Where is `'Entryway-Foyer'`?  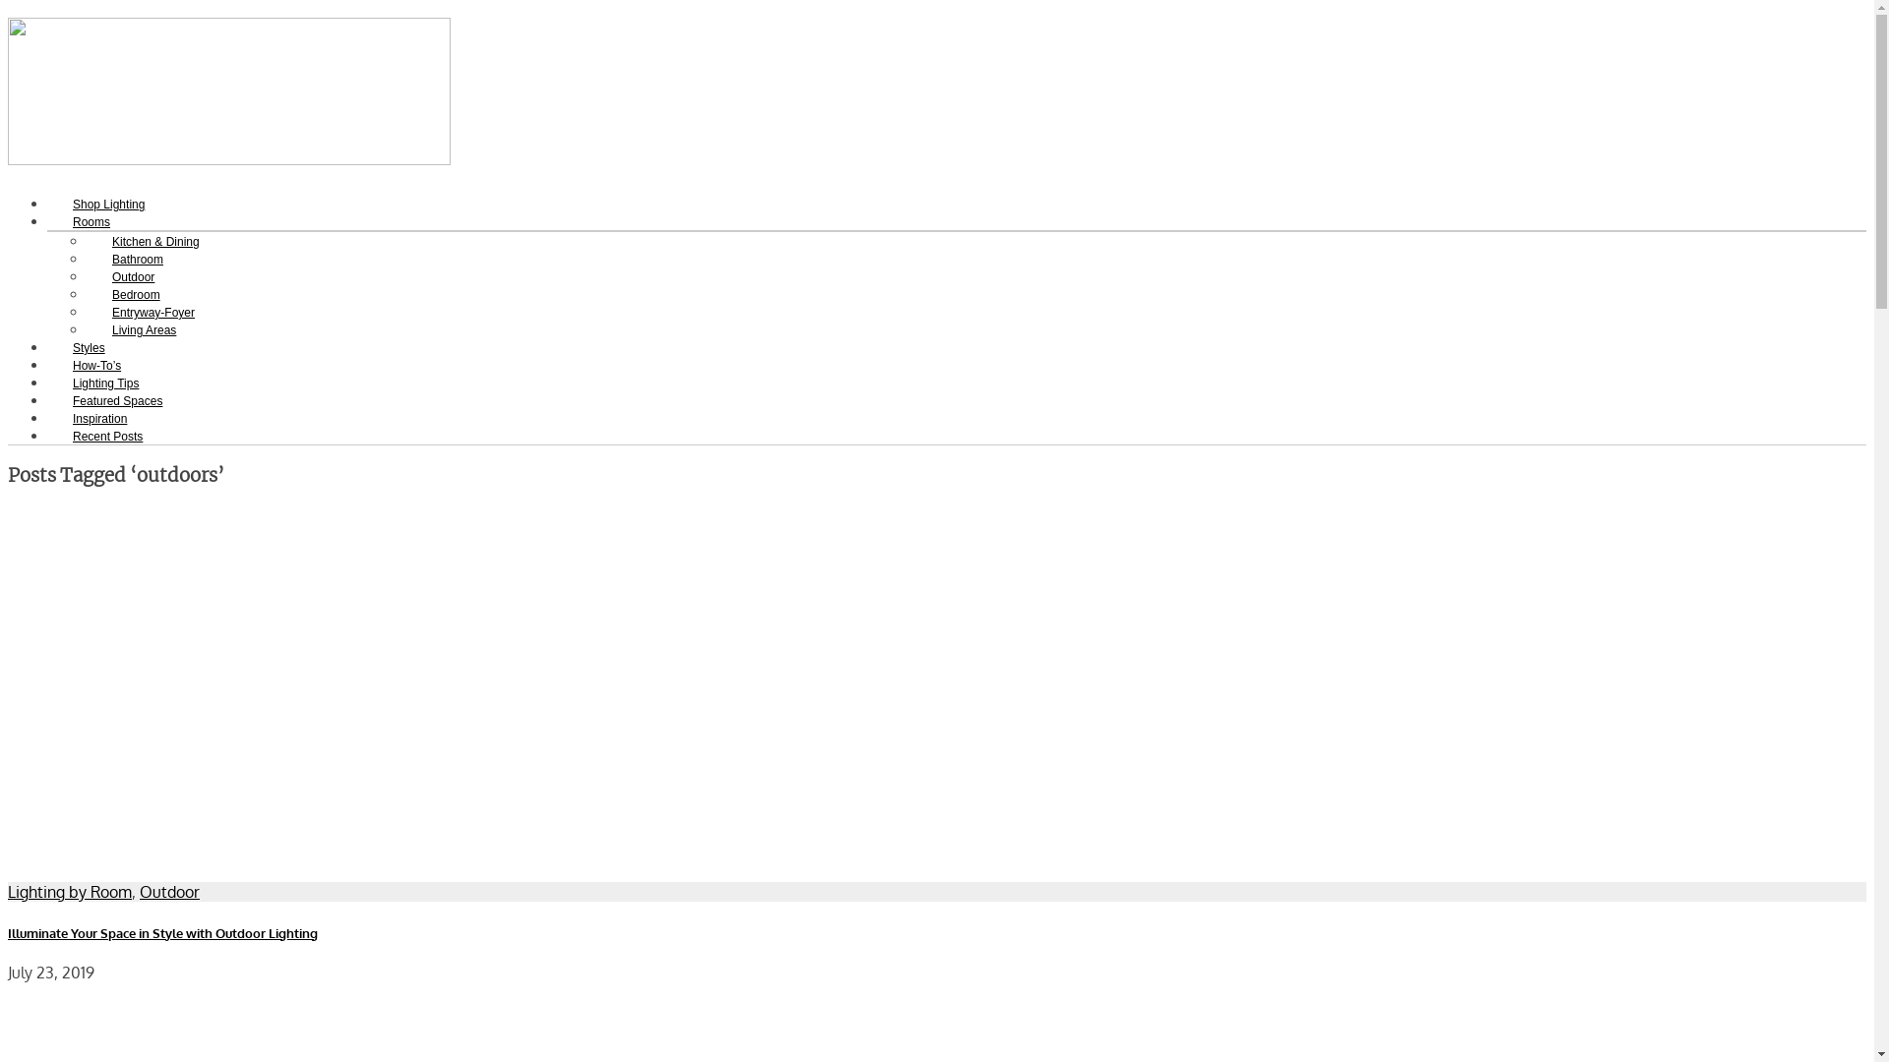
'Entryway-Foyer' is located at coordinates (152, 311).